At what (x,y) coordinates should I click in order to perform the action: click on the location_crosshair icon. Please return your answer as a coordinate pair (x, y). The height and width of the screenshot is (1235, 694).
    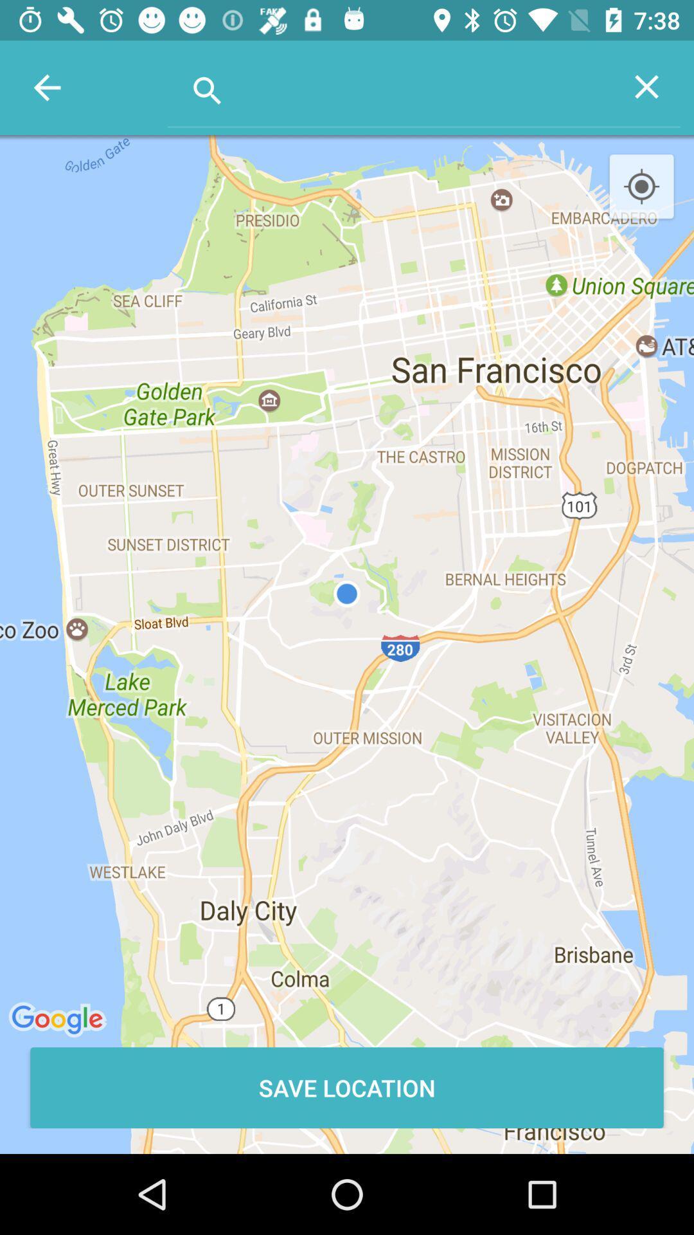
    Looking at the image, I should click on (641, 187).